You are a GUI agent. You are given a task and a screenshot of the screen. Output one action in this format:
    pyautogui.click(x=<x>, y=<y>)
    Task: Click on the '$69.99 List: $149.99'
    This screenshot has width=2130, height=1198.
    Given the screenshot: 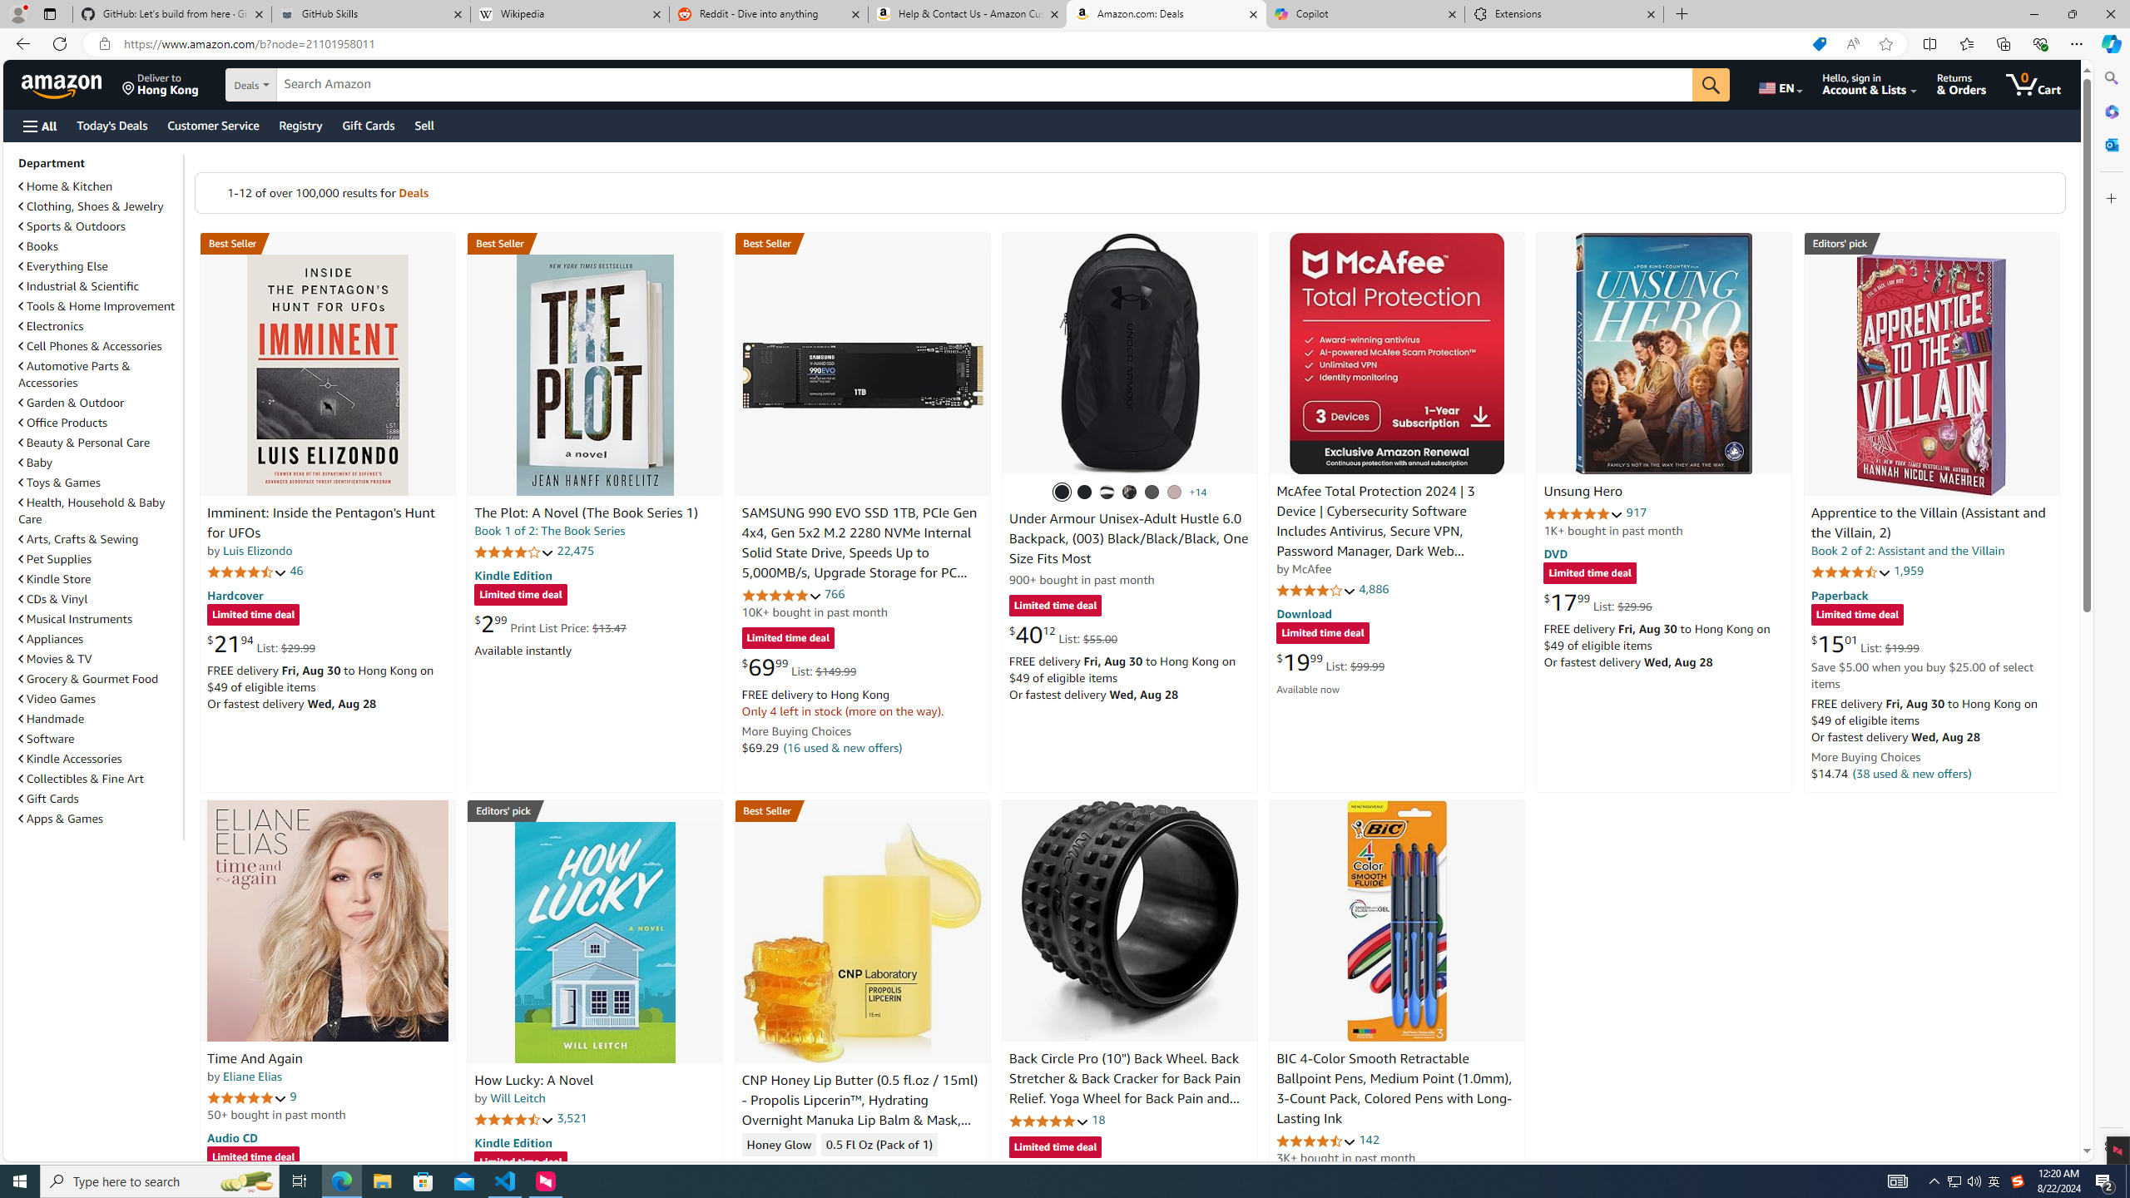 What is the action you would take?
    pyautogui.click(x=798, y=666)
    